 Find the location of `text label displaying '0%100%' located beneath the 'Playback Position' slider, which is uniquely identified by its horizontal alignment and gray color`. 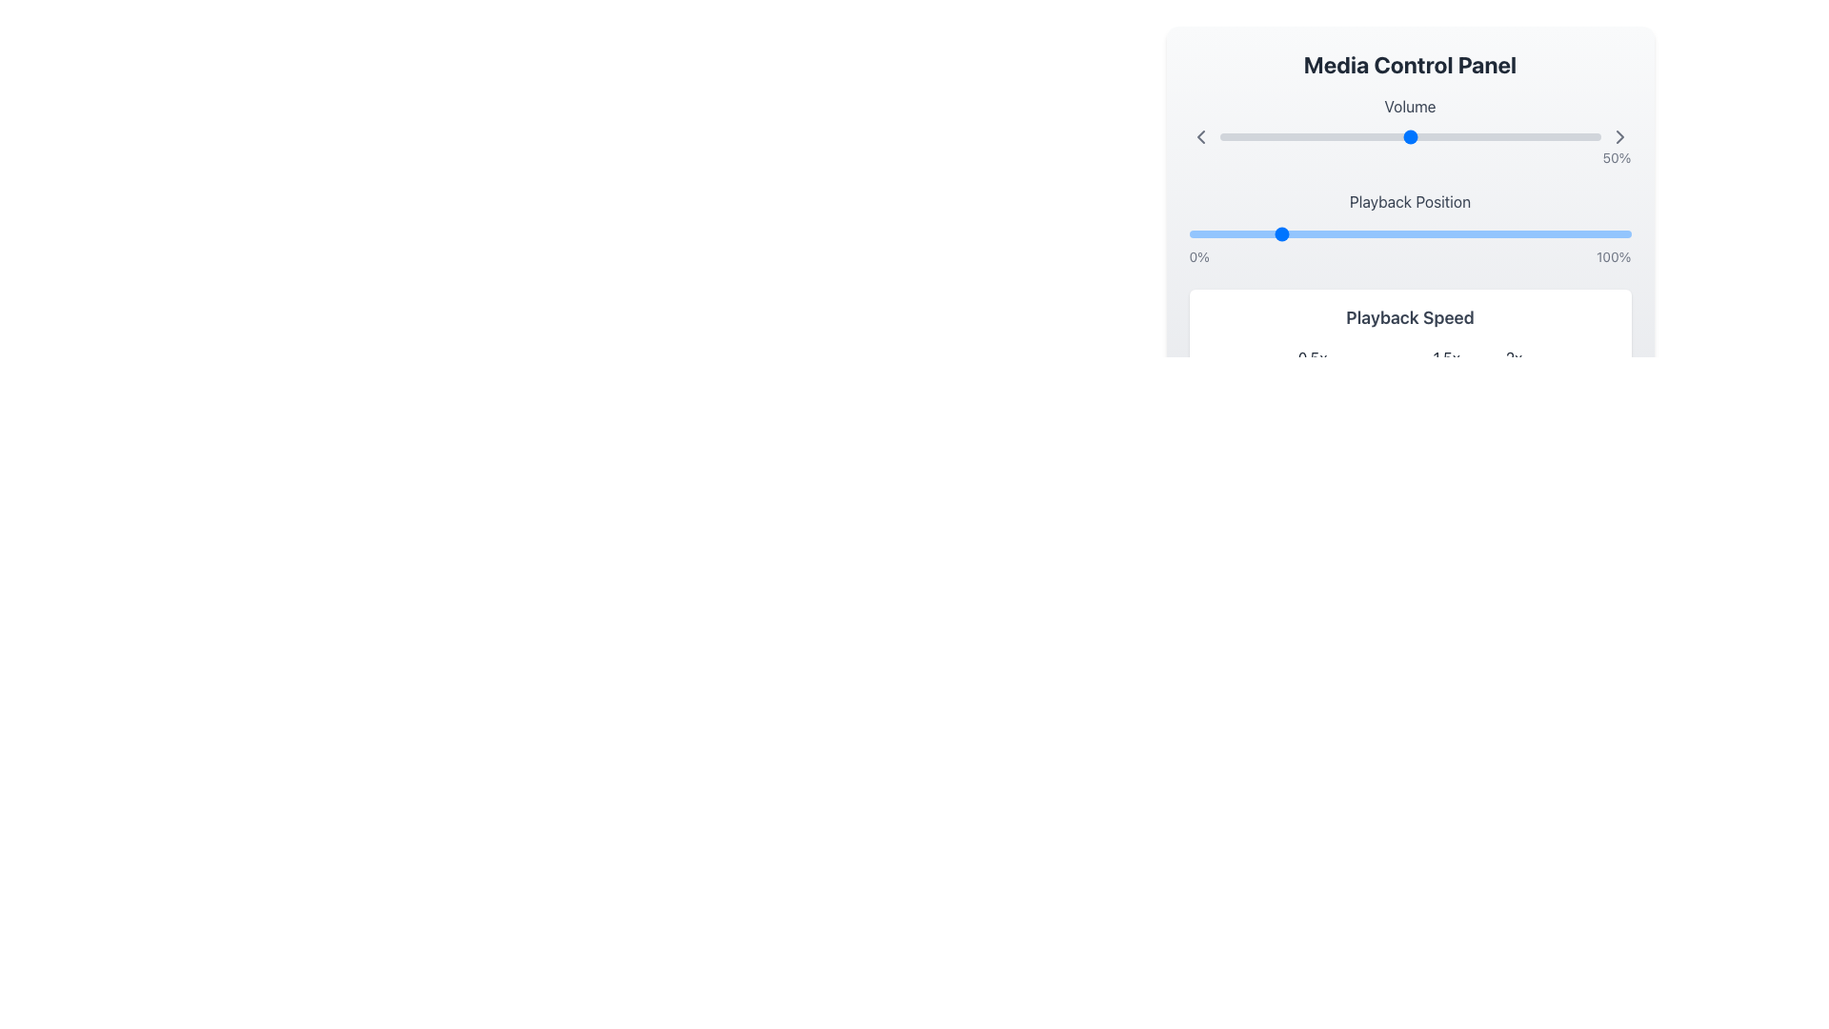

text label displaying '0%100%' located beneath the 'Playback Position' slider, which is uniquely identified by its horizontal alignment and gray color is located at coordinates (1410, 257).